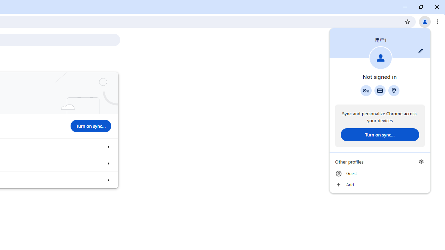  I want to click on 'Guest', so click(380, 173).